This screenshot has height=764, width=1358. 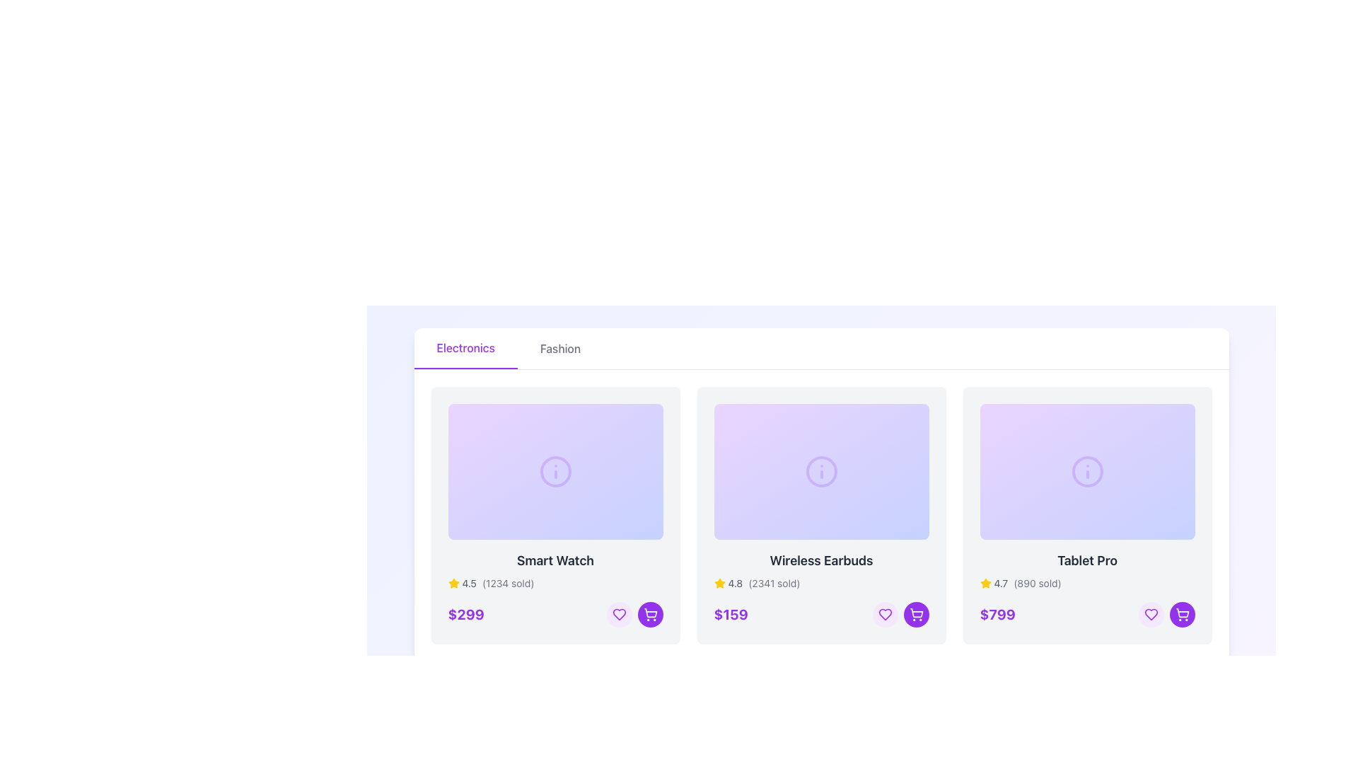 What do you see at coordinates (719, 584) in the screenshot?
I see `the vibrant yellow star icon indicating user rating, located at the top-left corner of the second product card in the rating section` at bounding box center [719, 584].